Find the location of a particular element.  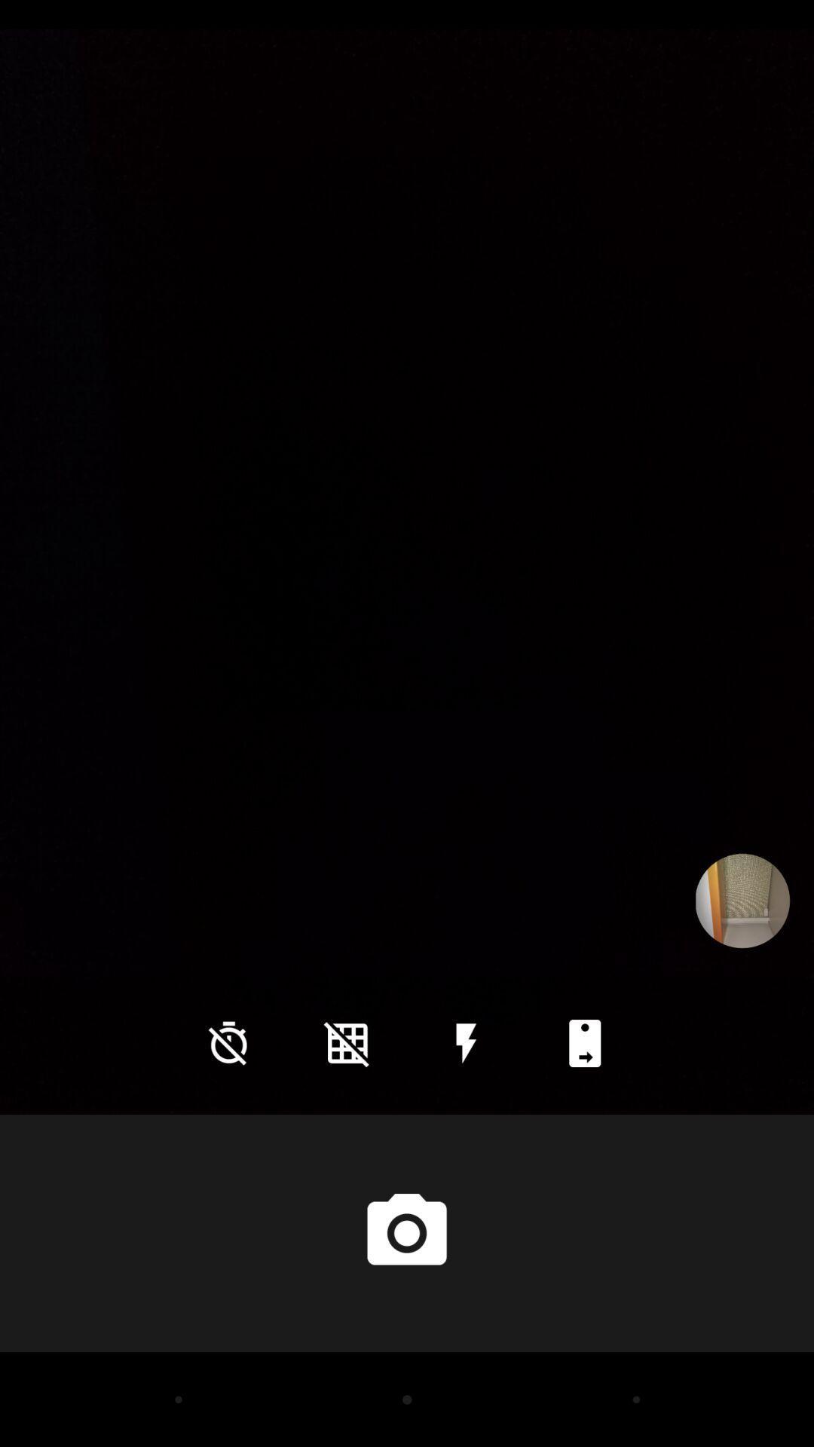

the item at the bottom right corner is located at coordinates (584, 1042).